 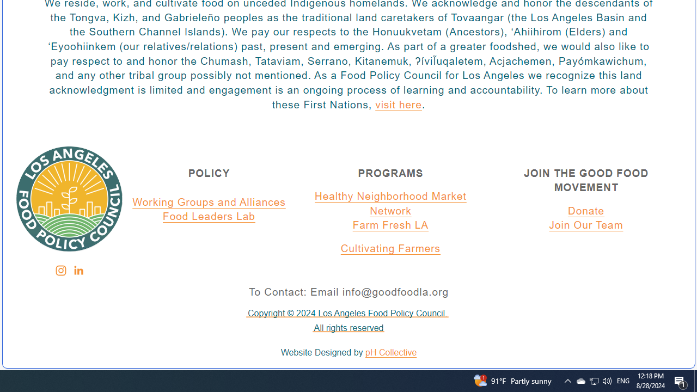 What do you see at coordinates (390, 249) in the screenshot?
I see `'Cultivating Farmers '` at bounding box center [390, 249].